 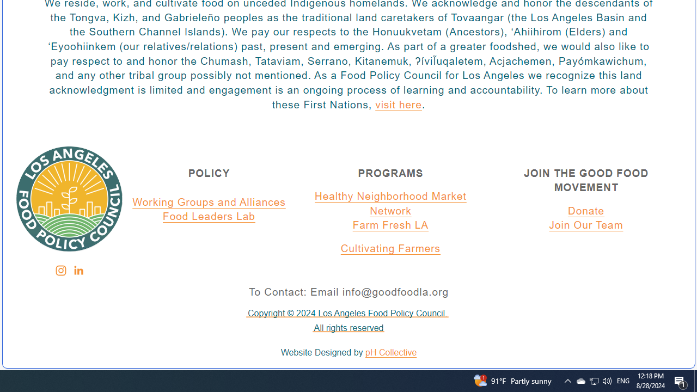 What do you see at coordinates (390, 249) in the screenshot?
I see `'Cultivating Farmers '` at bounding box center [390, 249].